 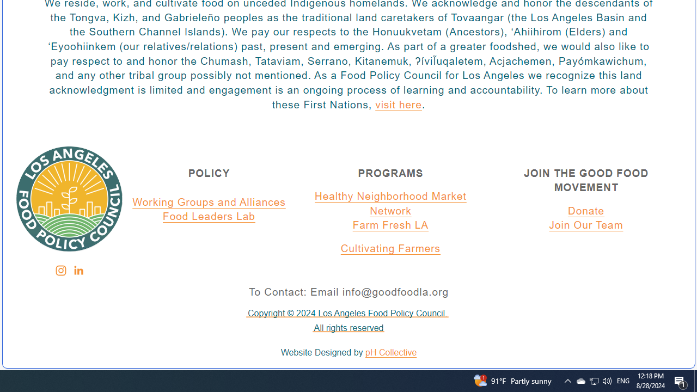 What do you see at coordinates (390, 249) in the screenshot?
I see `'Cultivating Farmers '` at bounding box center [390, 249].